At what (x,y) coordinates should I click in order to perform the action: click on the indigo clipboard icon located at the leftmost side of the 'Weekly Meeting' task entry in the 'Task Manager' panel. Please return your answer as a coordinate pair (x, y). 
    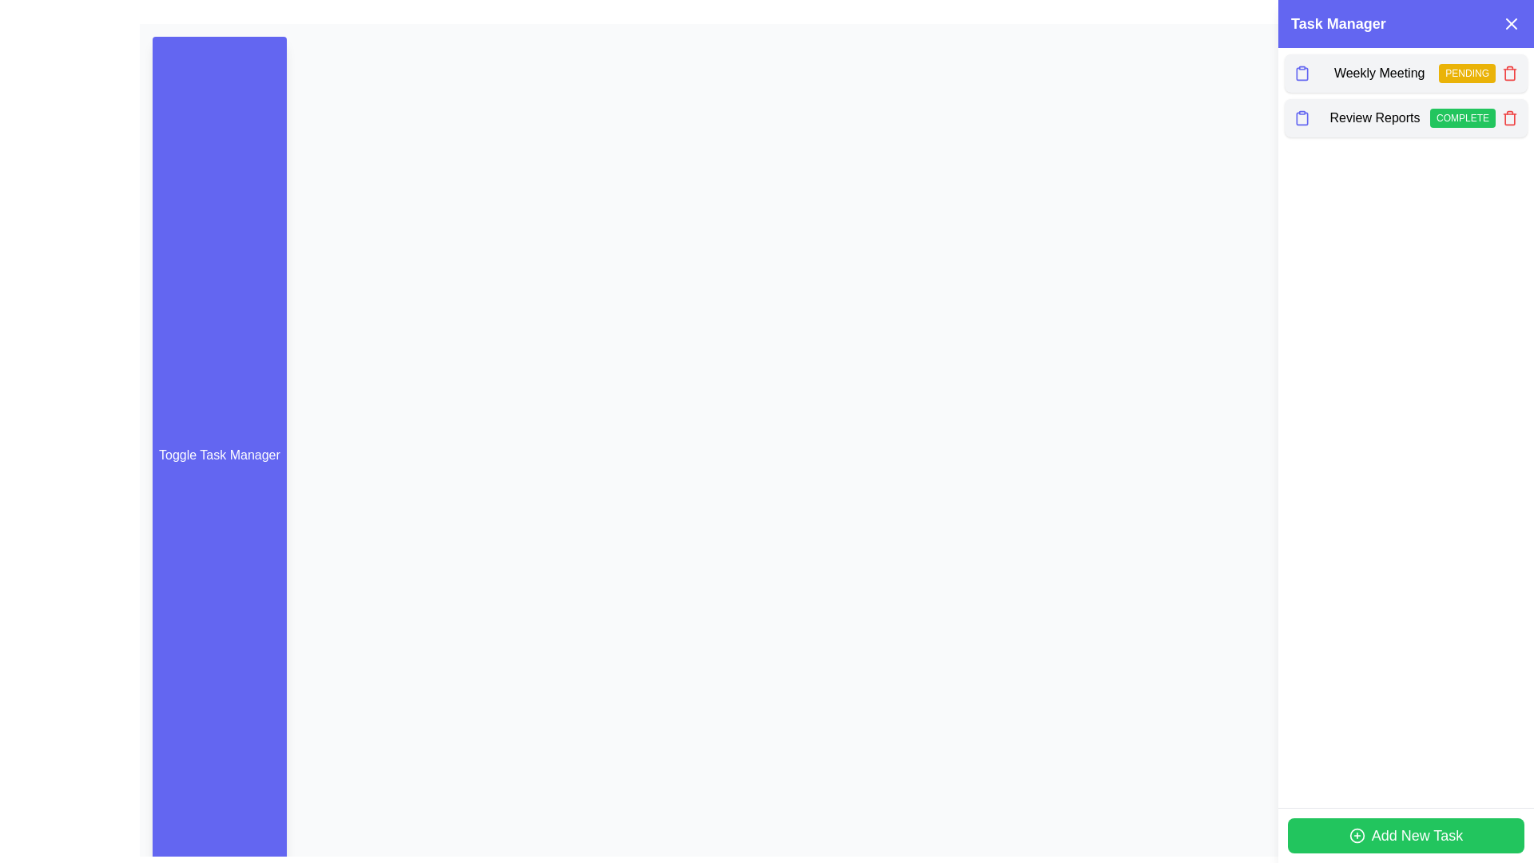
    Looking at the image, I should click on (1302, 74).